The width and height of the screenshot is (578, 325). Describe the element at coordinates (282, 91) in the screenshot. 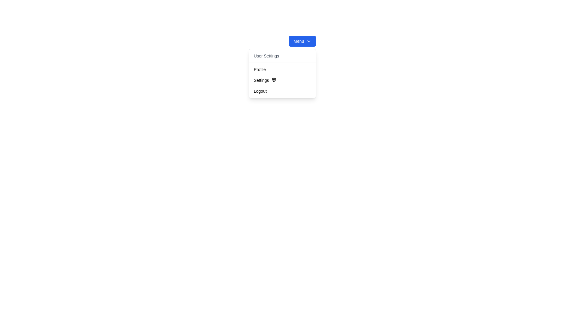

I see `the logout button located as the last item in the vertical dropdown menu, positioned below 'Settings', to log out of the account` at that location.